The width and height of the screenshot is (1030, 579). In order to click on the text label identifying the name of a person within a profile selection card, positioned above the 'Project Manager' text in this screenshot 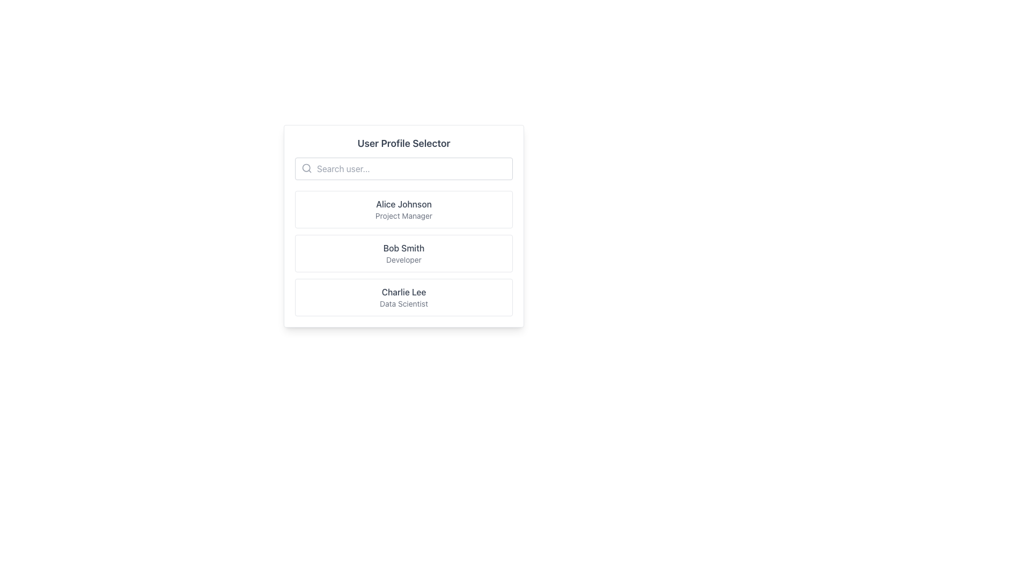, I will do `click(403, 204)`.